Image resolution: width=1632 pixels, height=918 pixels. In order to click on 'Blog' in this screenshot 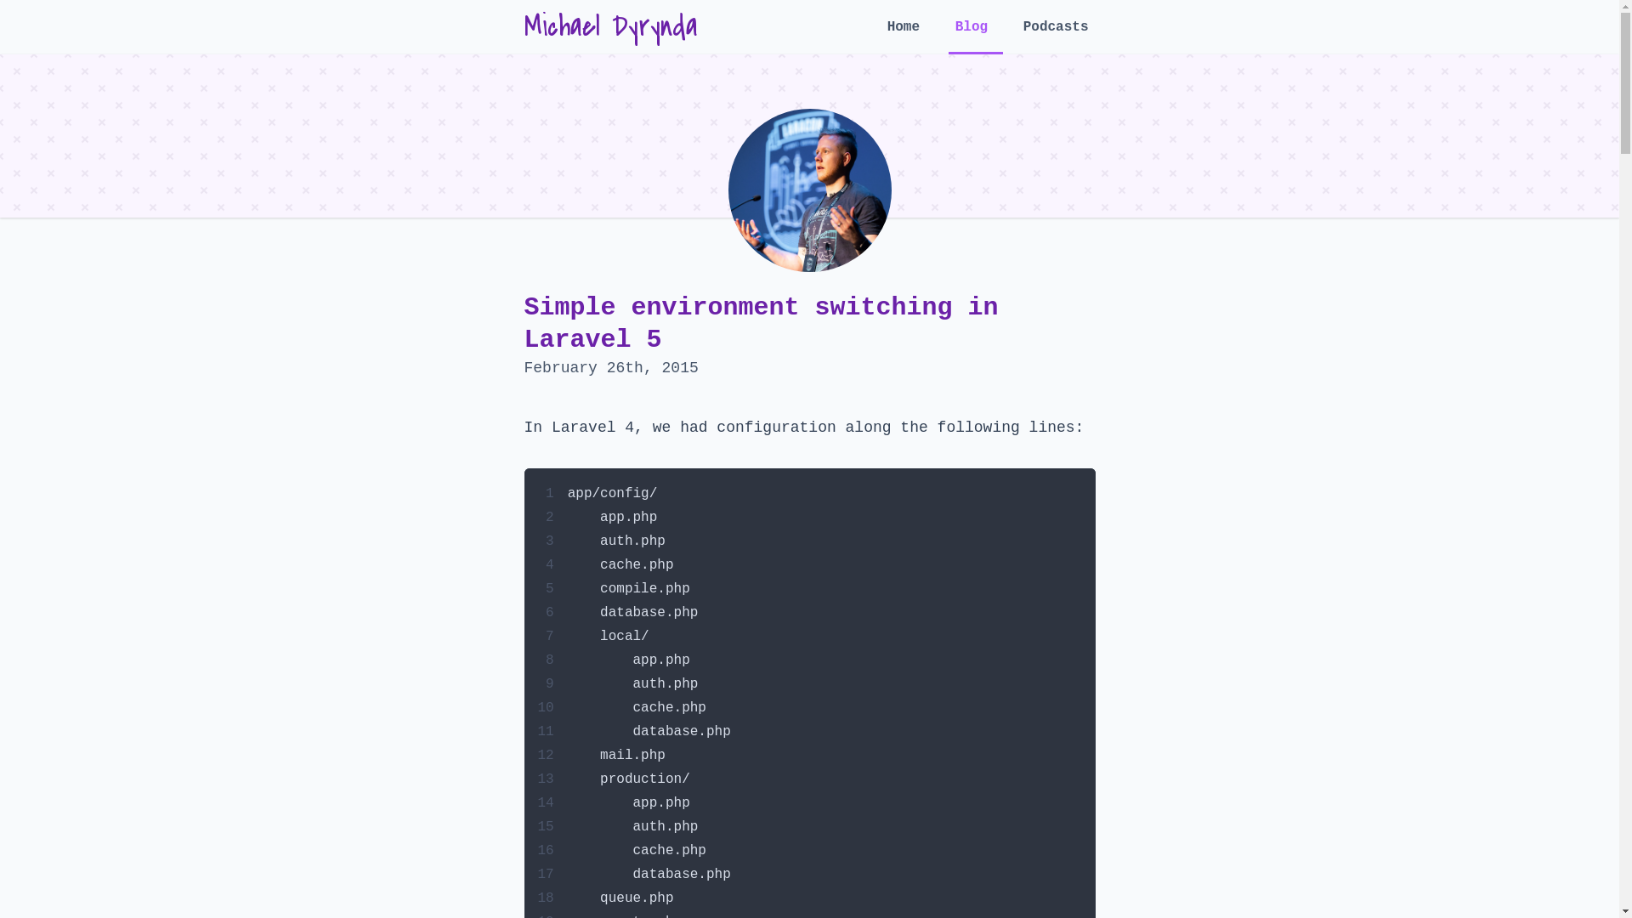, I will do `click(975, 37)`.